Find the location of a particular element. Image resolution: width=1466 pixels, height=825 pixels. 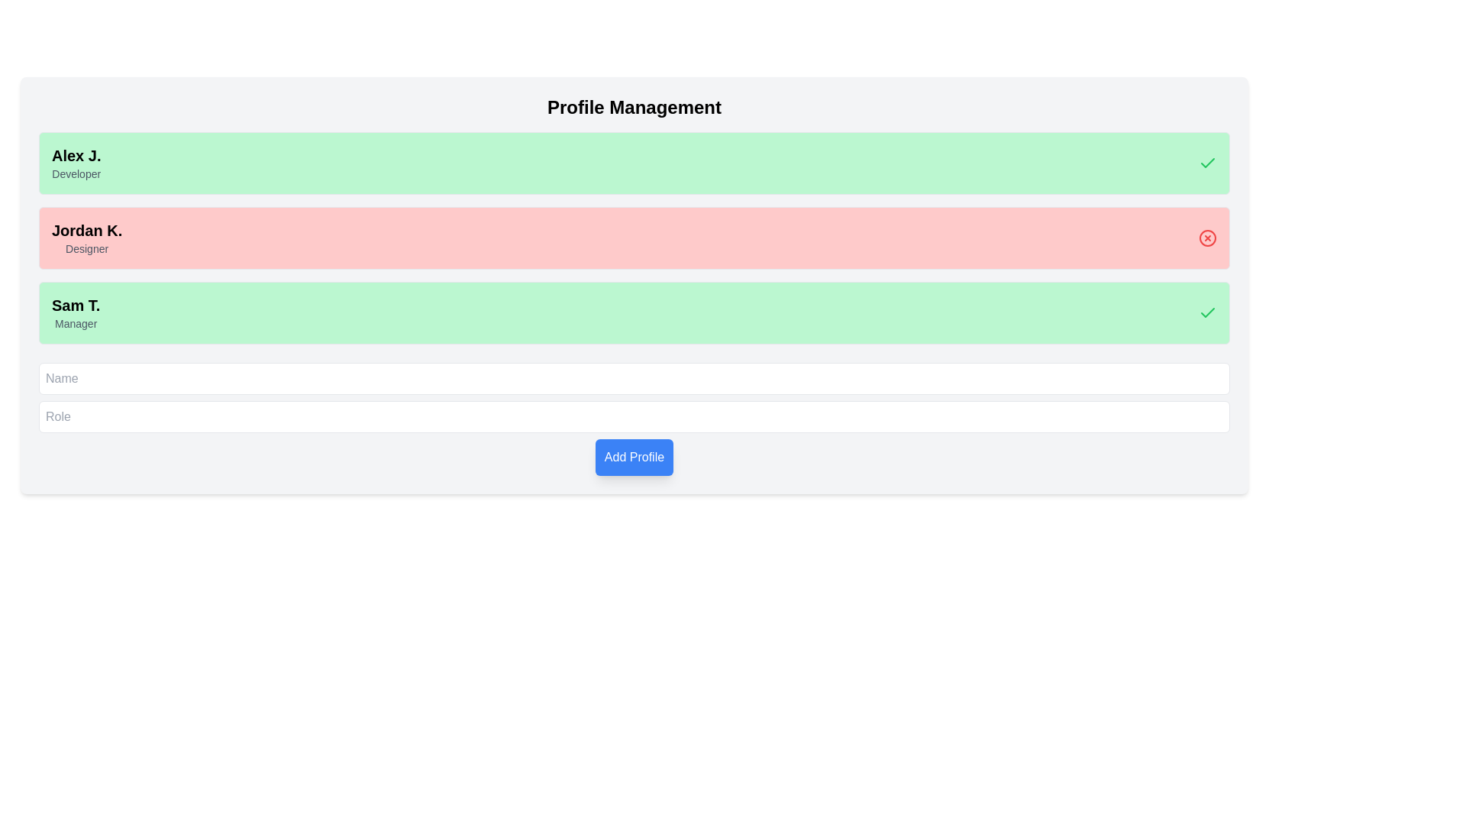

the Text label that displays the name and role of an individual in the profile management list, located at the top left of the topmost green card in the column of profile cards is located at coordinates (76, 163).